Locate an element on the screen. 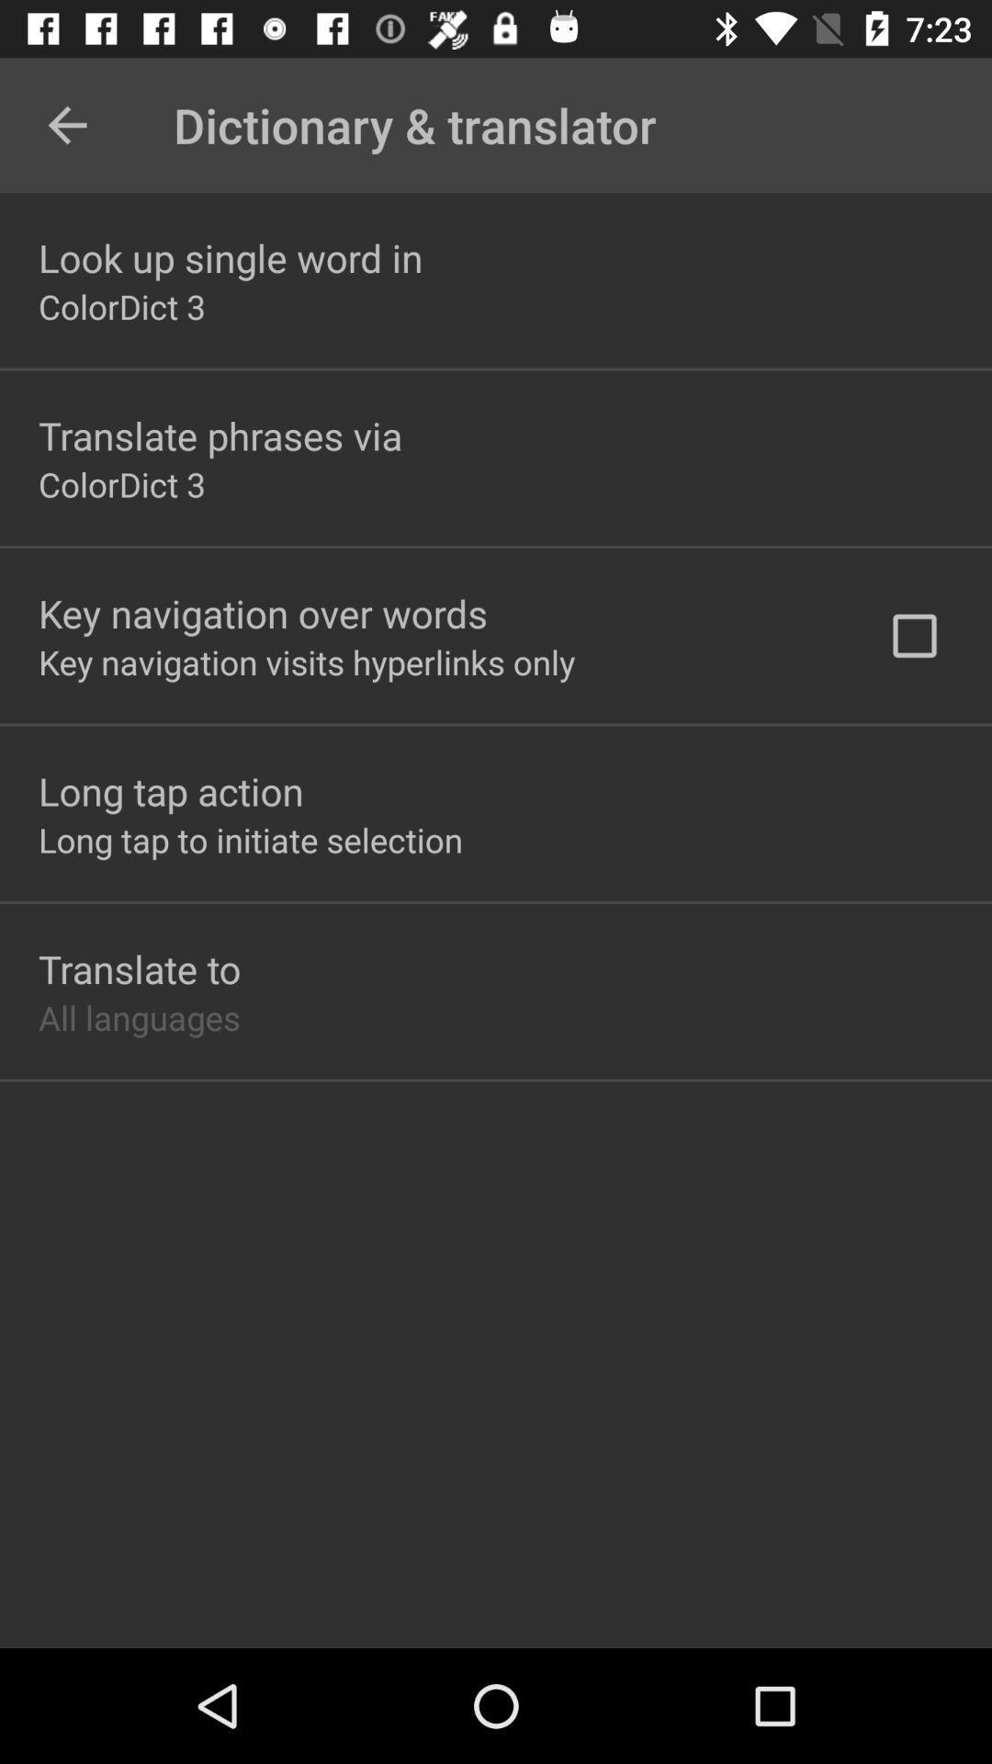  the icon on the right is located at coordinates (914, 636).